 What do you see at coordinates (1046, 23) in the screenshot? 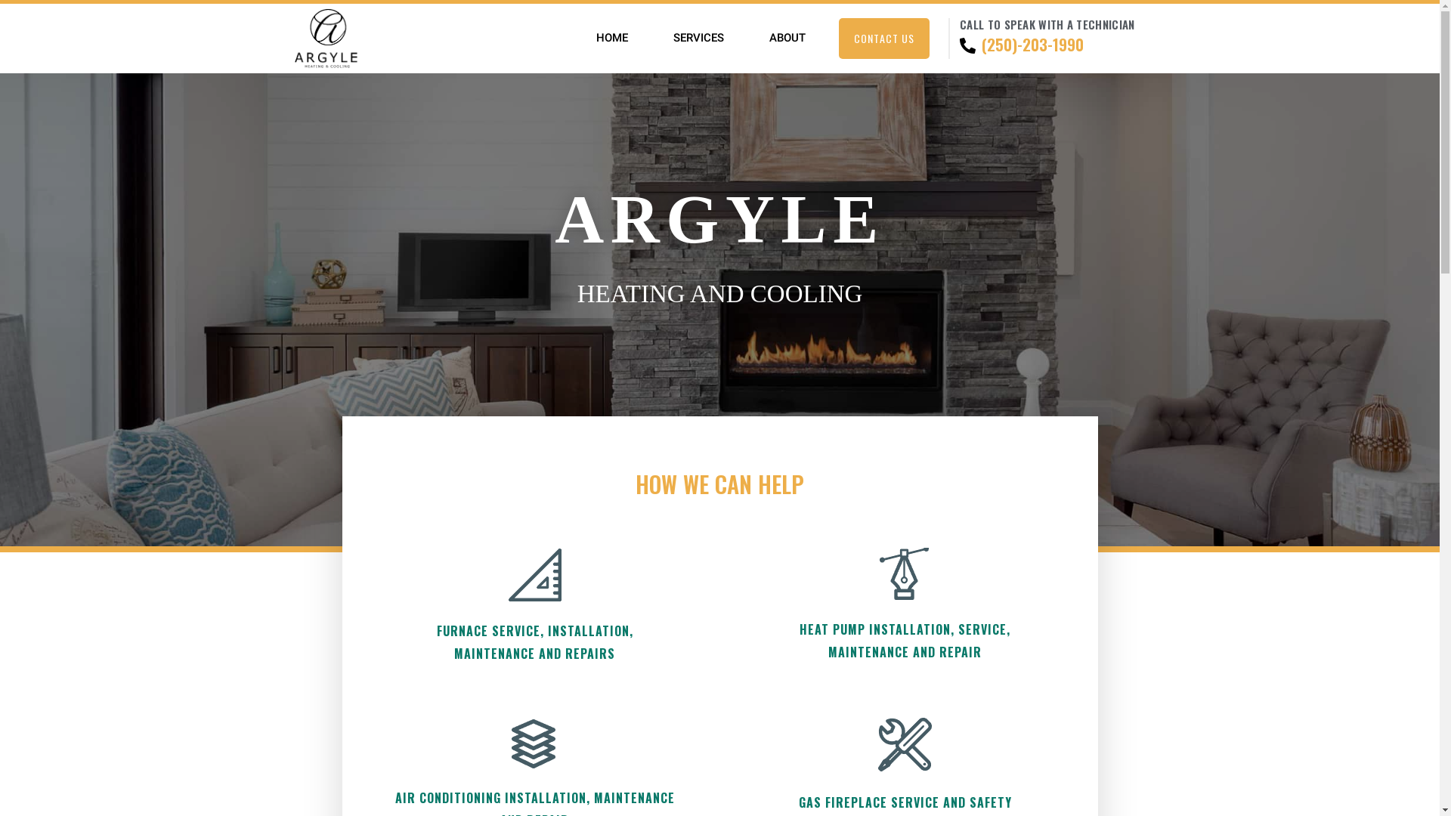
I see `'CALL TO SPEAK WITH A TECHNICIAN'` at bounding box center [1046, 23].